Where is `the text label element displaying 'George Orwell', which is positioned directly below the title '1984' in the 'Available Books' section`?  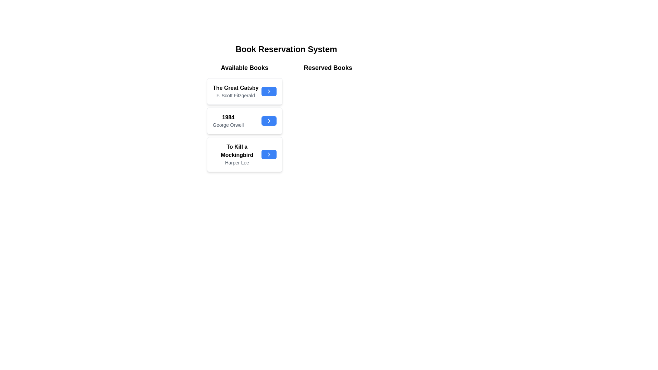 the text label element displaying 'George Orwell', which is positioned directly below the title '1984' in the 'Available Books' section is located at coordinates (228, 125).